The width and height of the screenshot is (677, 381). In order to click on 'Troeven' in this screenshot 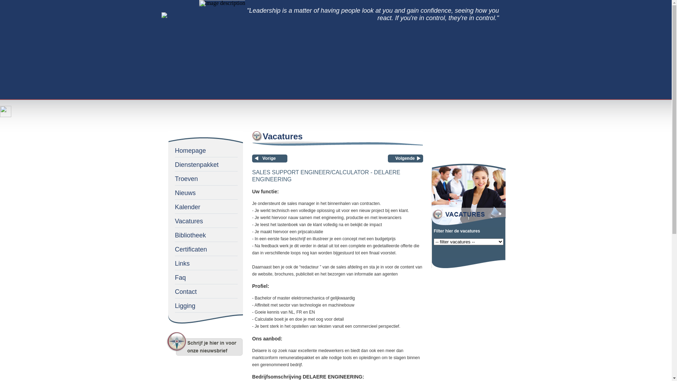, I will do `click(205, 177)`.